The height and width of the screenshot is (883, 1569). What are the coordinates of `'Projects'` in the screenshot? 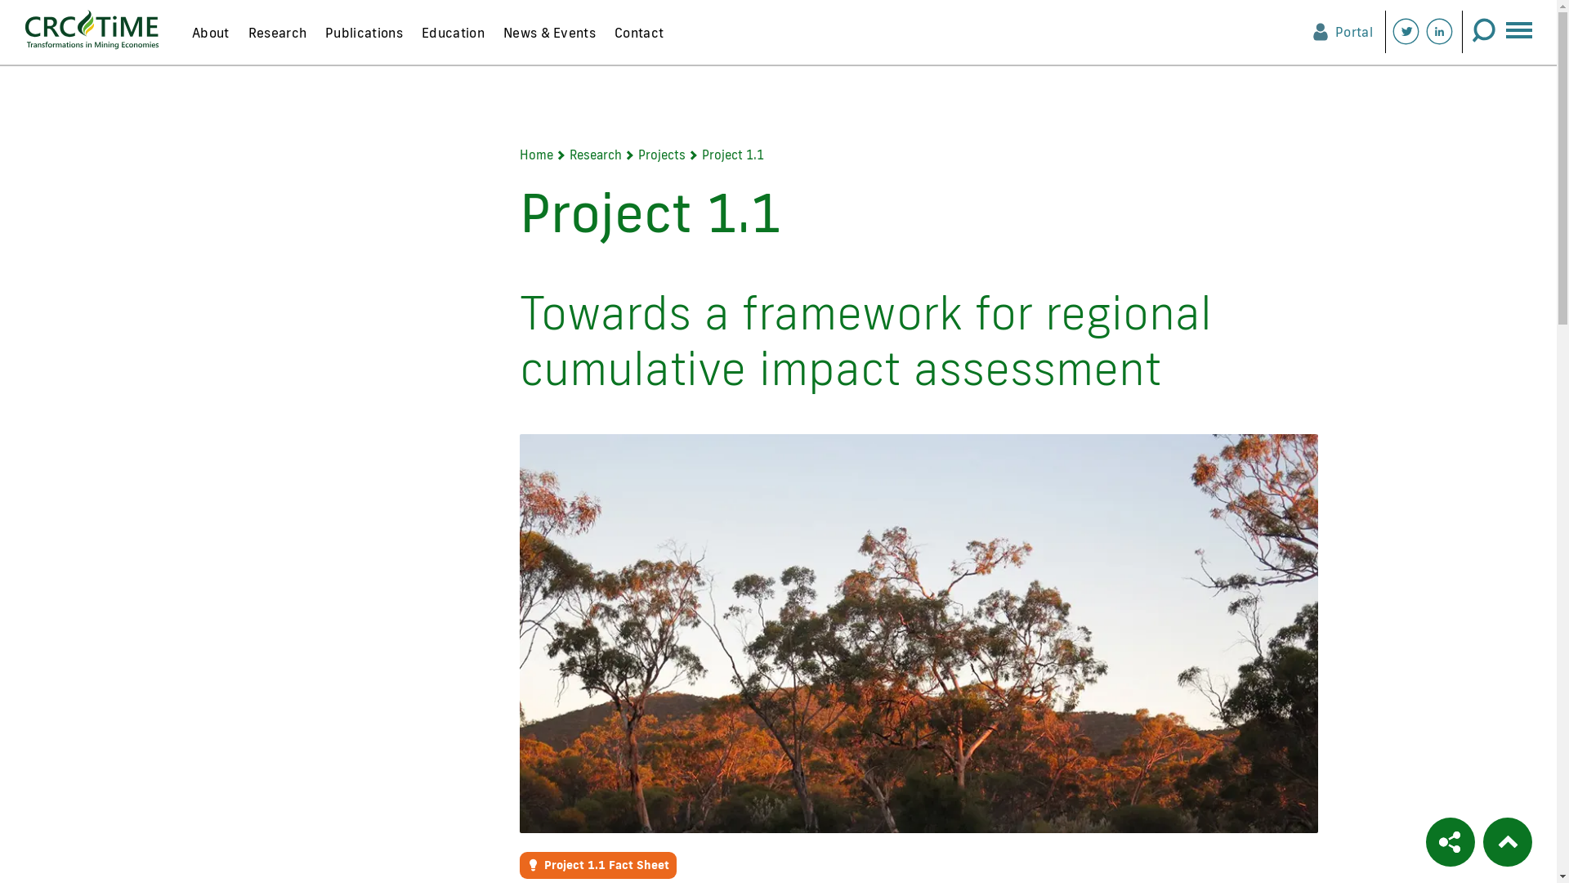 It's located at (662, 155).